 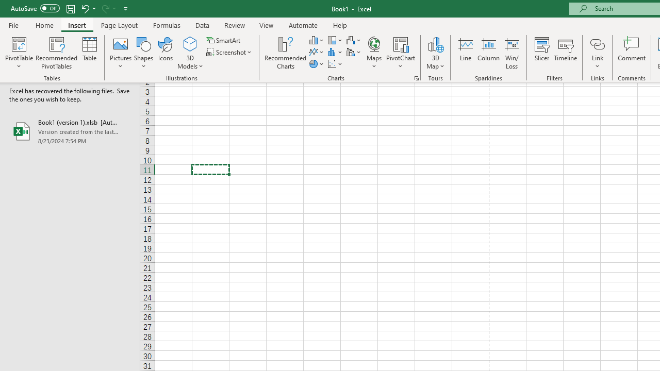 What do you see at coordinates (35, 8) in the screenshot?
I see `'AutoSave'` at bounding box center [35, 8].